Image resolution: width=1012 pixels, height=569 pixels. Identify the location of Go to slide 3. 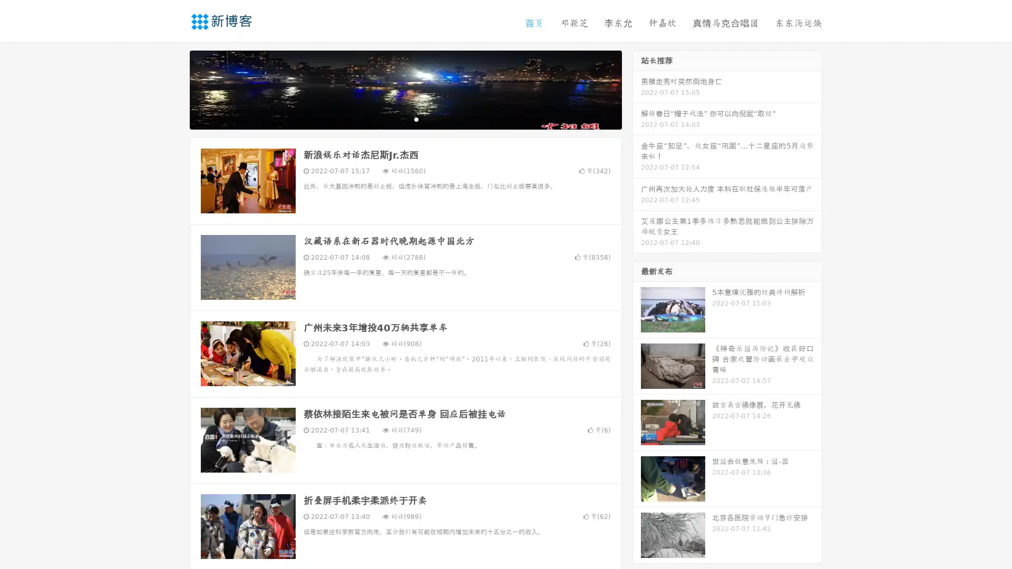
(416, 119).